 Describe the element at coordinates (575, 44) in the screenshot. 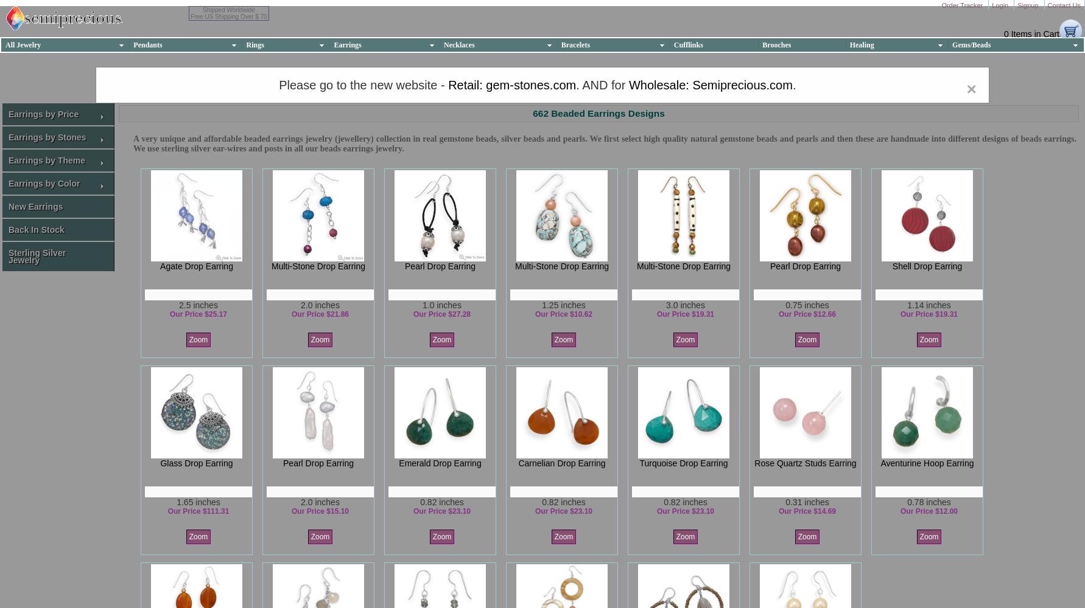

I see `'Bracelets'` at that location.